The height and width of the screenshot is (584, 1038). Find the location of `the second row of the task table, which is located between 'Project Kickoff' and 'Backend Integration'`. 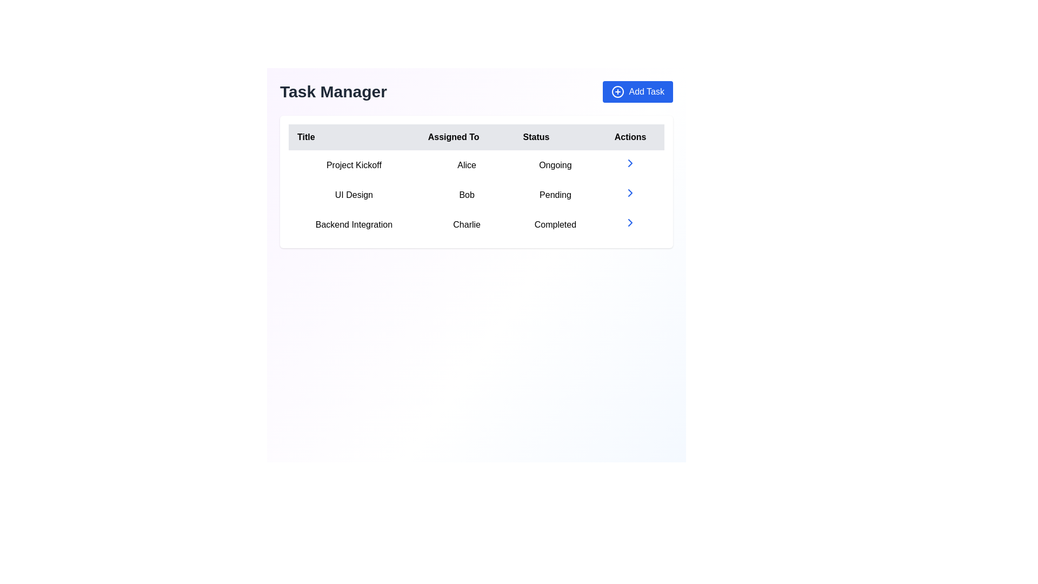

the second row of the task table, which is located between 'Project Kickoff' and 'Backend Integration' is located at coordinates (476, 195).